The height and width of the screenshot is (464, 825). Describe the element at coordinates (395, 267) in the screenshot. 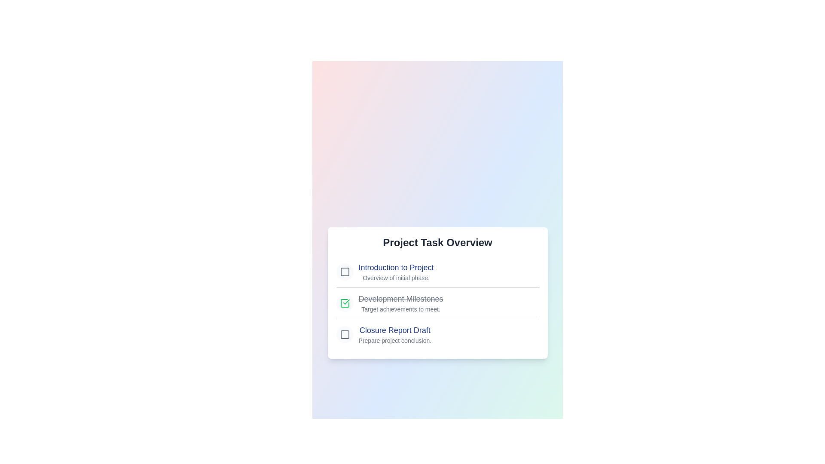

I see `the checklist item labeled 'Introduction to Project' to highlight it` at that location.